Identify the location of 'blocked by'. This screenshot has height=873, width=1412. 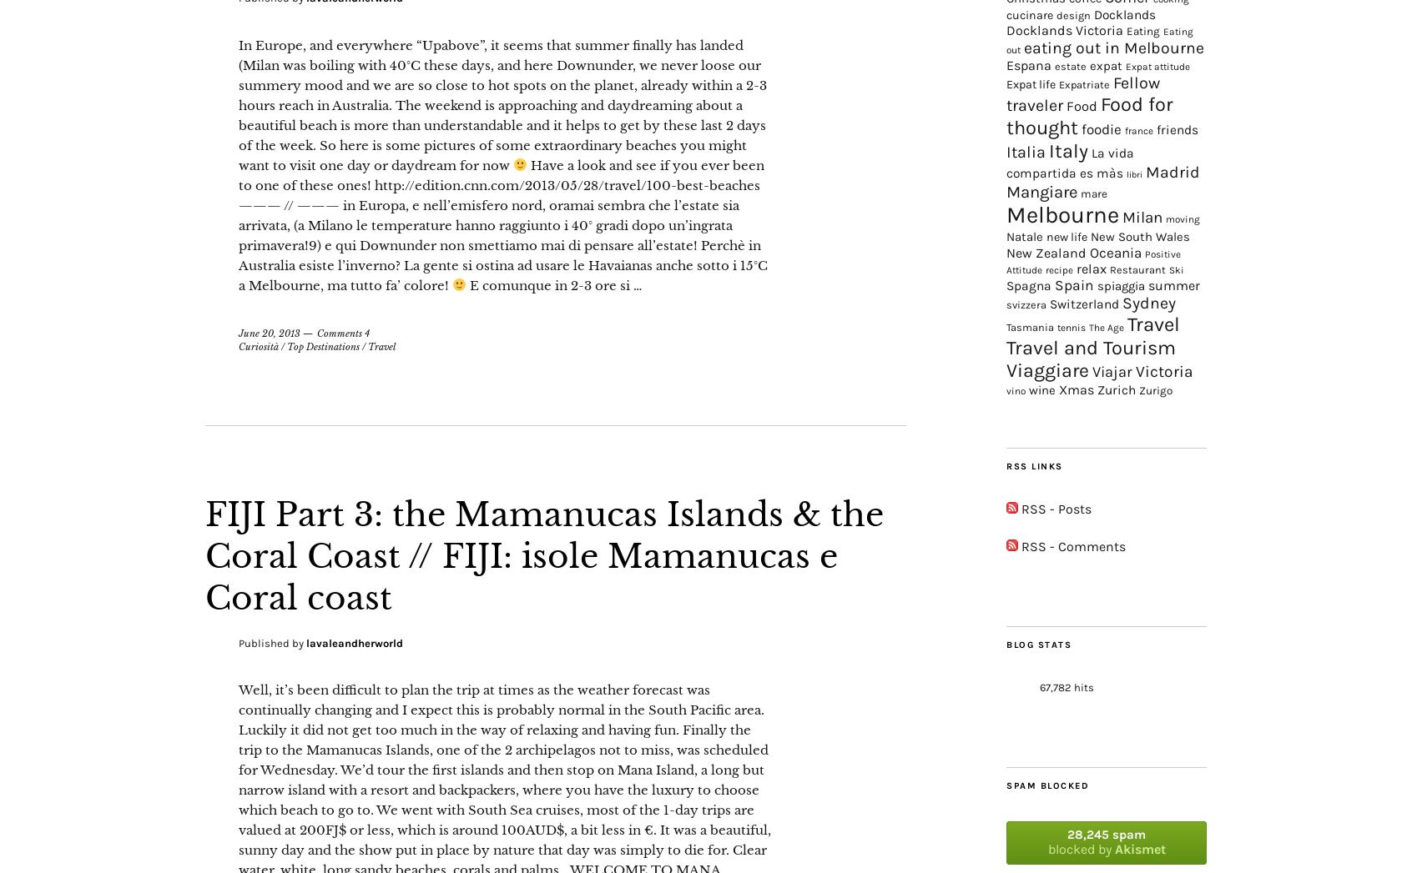
(1080, 848).